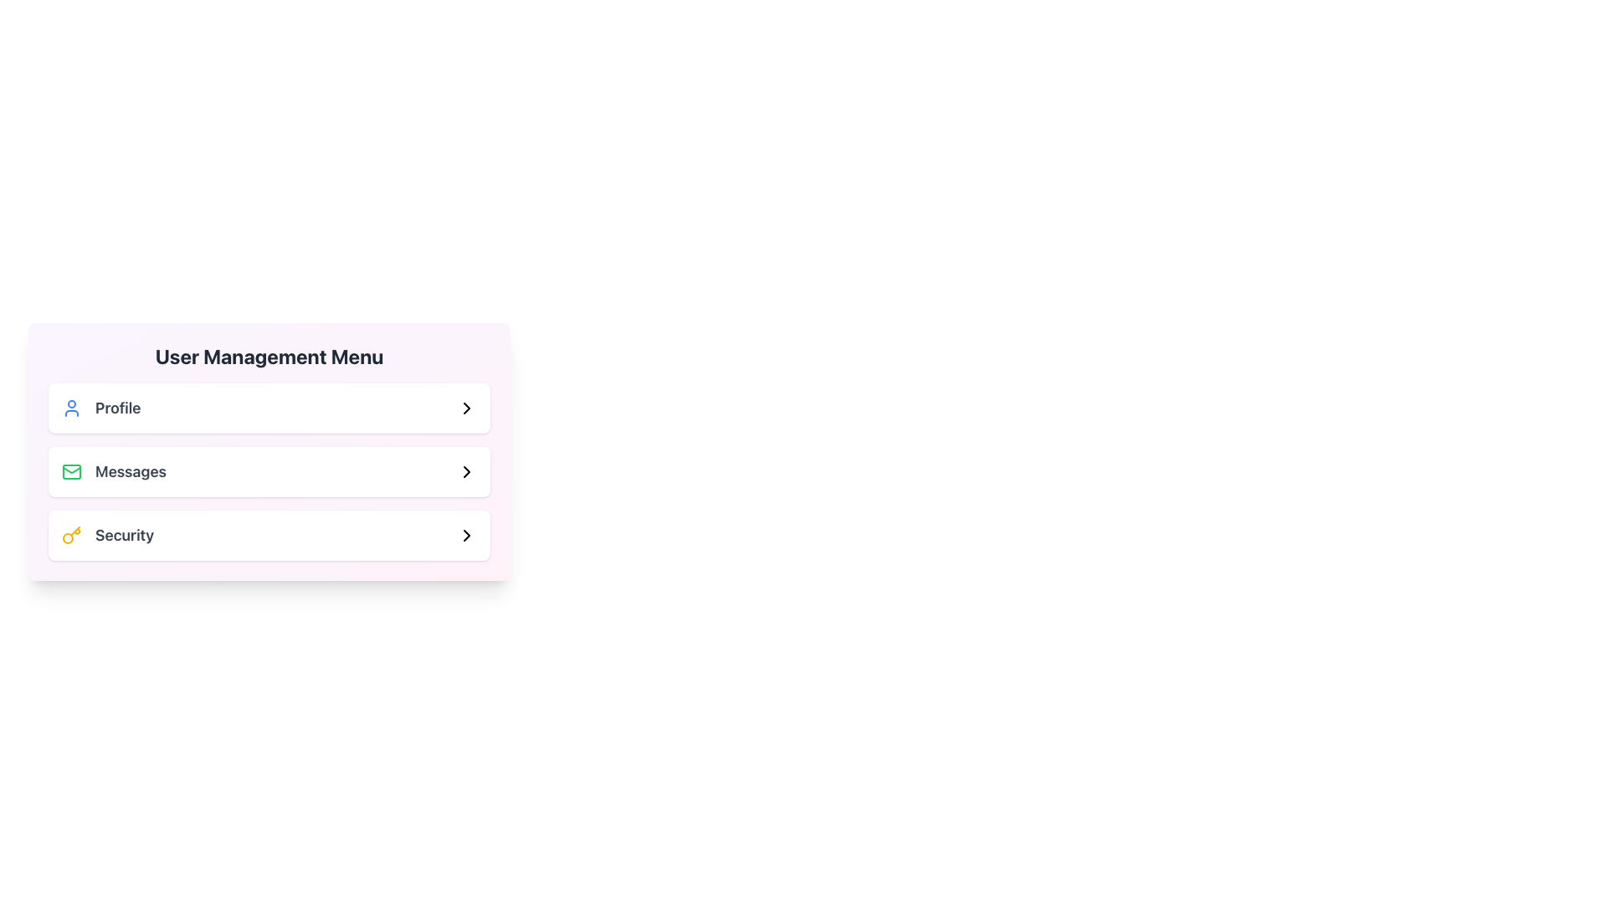 The width and height of the screenshot is (1607, 904). What do you see at coordinates (100, 408) in the screenshot?
I see `the 'Profile' menu item, which consists of a blue user icon and bold gray text labeled 'Profile'` at bounding box center [100, 408].